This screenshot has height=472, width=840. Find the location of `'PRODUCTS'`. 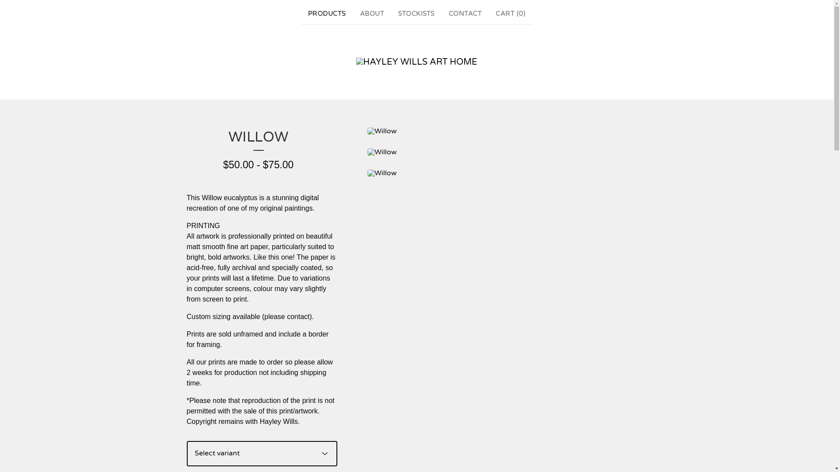

'PRODUCTS' is located at coordinates (326, 14).